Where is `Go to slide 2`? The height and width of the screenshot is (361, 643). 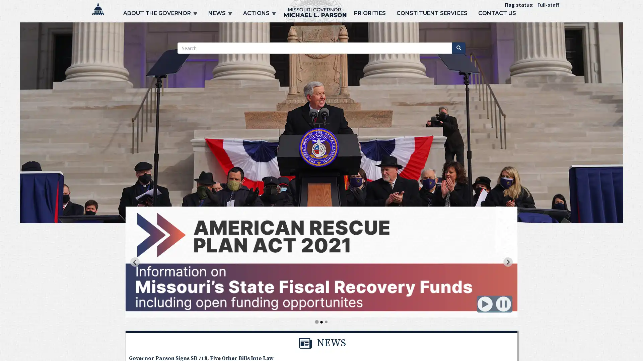 Go to slide 2 is located at coordinates (321, 322).